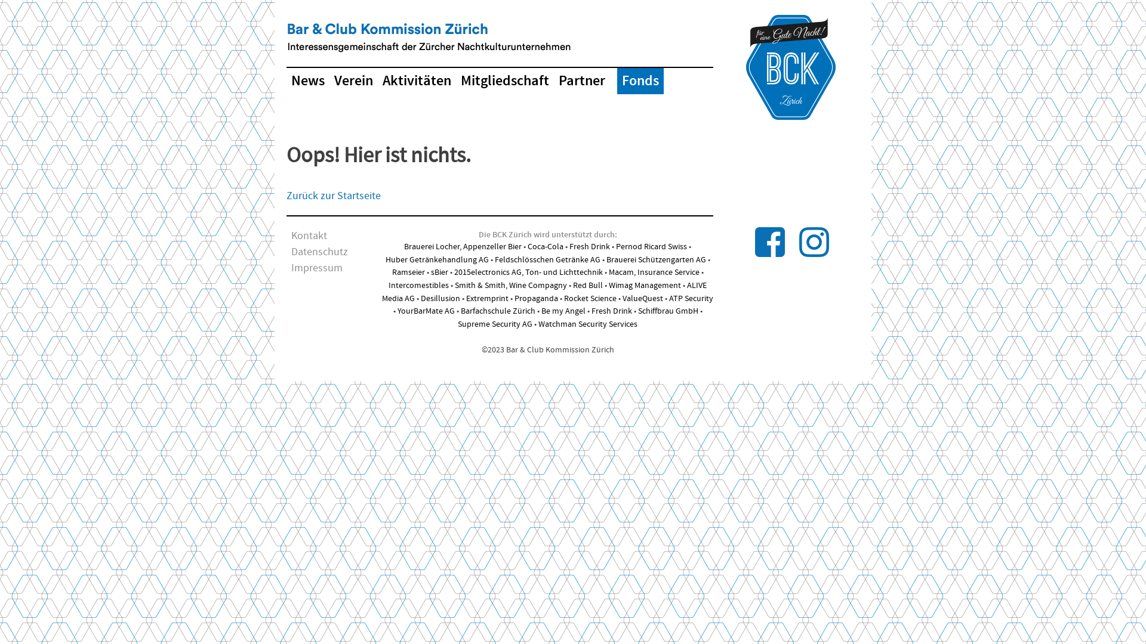  What do you see at coordinates (651, 246) in the screenshot?
I see `'Pernod Ricard Swiss'` at bounding box center [651, 246].